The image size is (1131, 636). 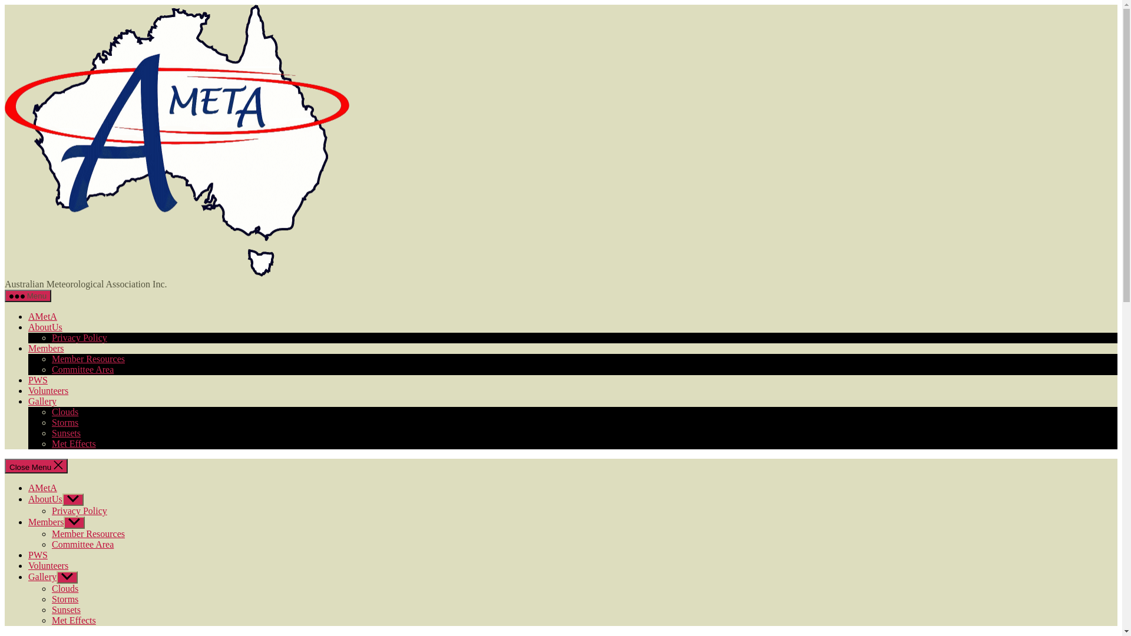 I want to click on 'Sunsets', so click(x=51, y=609).